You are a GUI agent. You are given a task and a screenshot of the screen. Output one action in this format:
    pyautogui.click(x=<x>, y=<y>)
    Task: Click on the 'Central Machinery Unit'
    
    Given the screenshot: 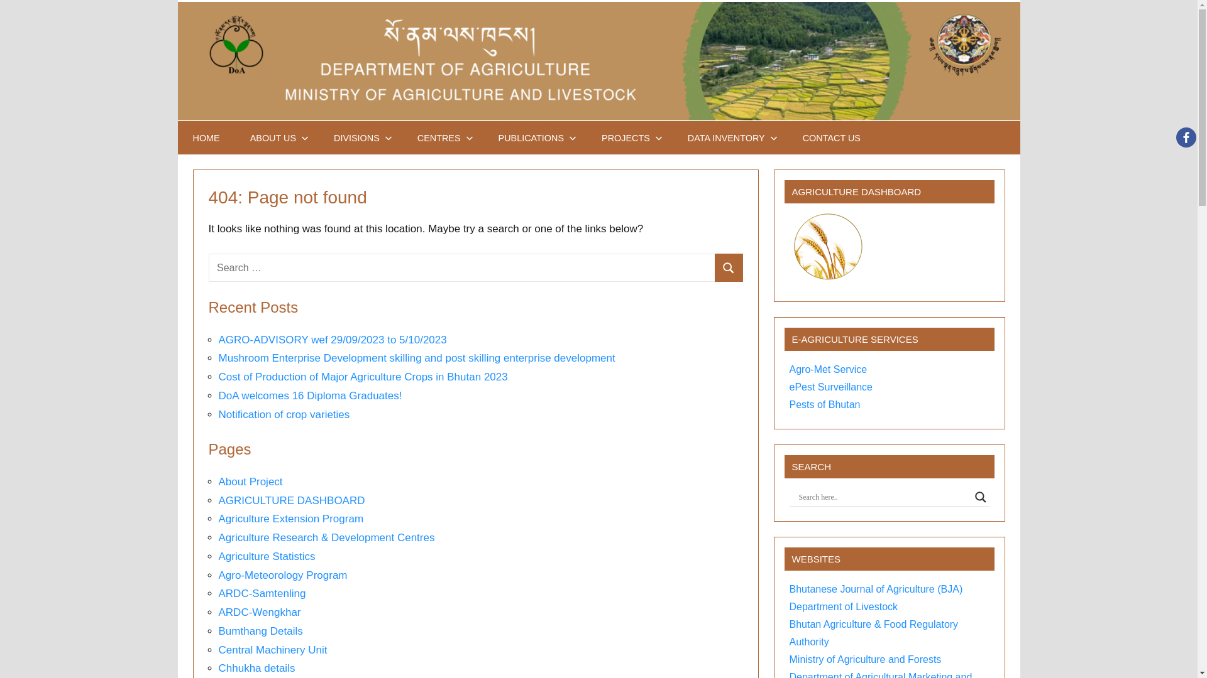 What is the action you would take?
    pyautogui.click(x=218, y=650)
    